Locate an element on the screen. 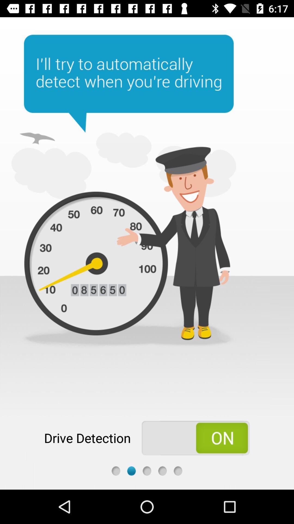 The width and height of the screenshot is (294, 524). next slide is located at coordinates (147, 471).